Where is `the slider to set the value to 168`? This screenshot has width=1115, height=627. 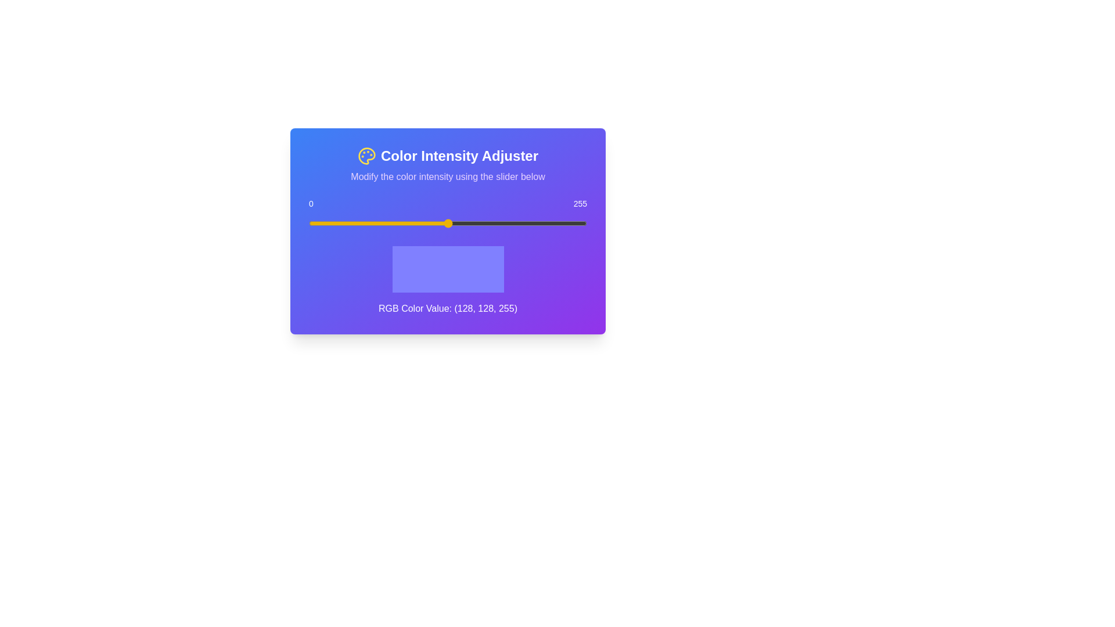
the slider to set the value to 168 is located at coordinates (492, 224).